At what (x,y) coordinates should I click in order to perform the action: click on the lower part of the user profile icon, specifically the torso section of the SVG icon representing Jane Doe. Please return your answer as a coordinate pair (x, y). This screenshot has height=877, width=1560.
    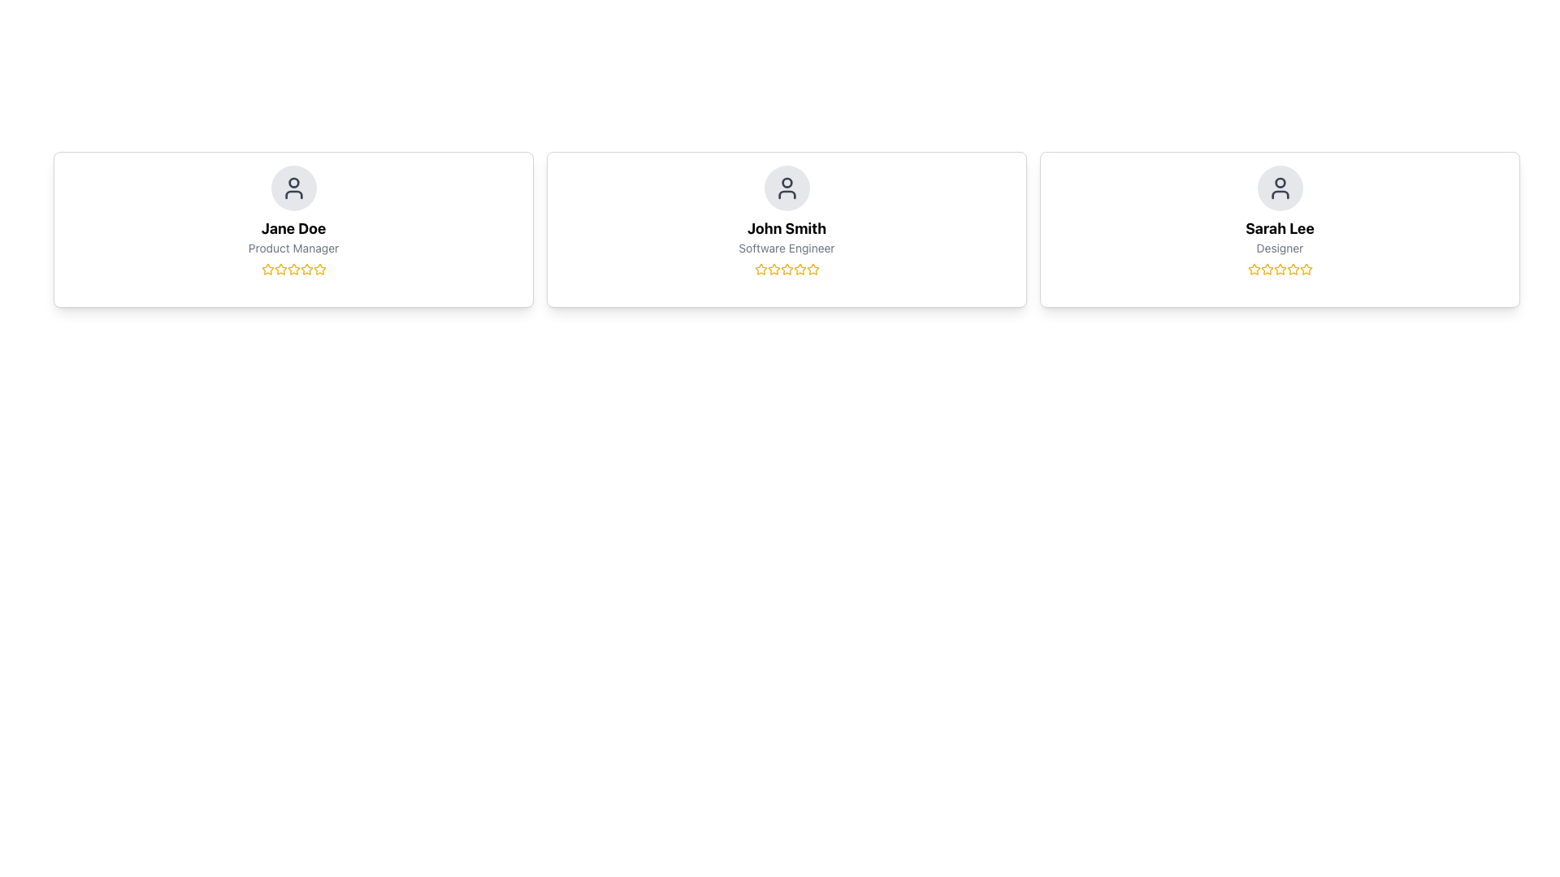
    Looking at the image, I should click on (293, 193).